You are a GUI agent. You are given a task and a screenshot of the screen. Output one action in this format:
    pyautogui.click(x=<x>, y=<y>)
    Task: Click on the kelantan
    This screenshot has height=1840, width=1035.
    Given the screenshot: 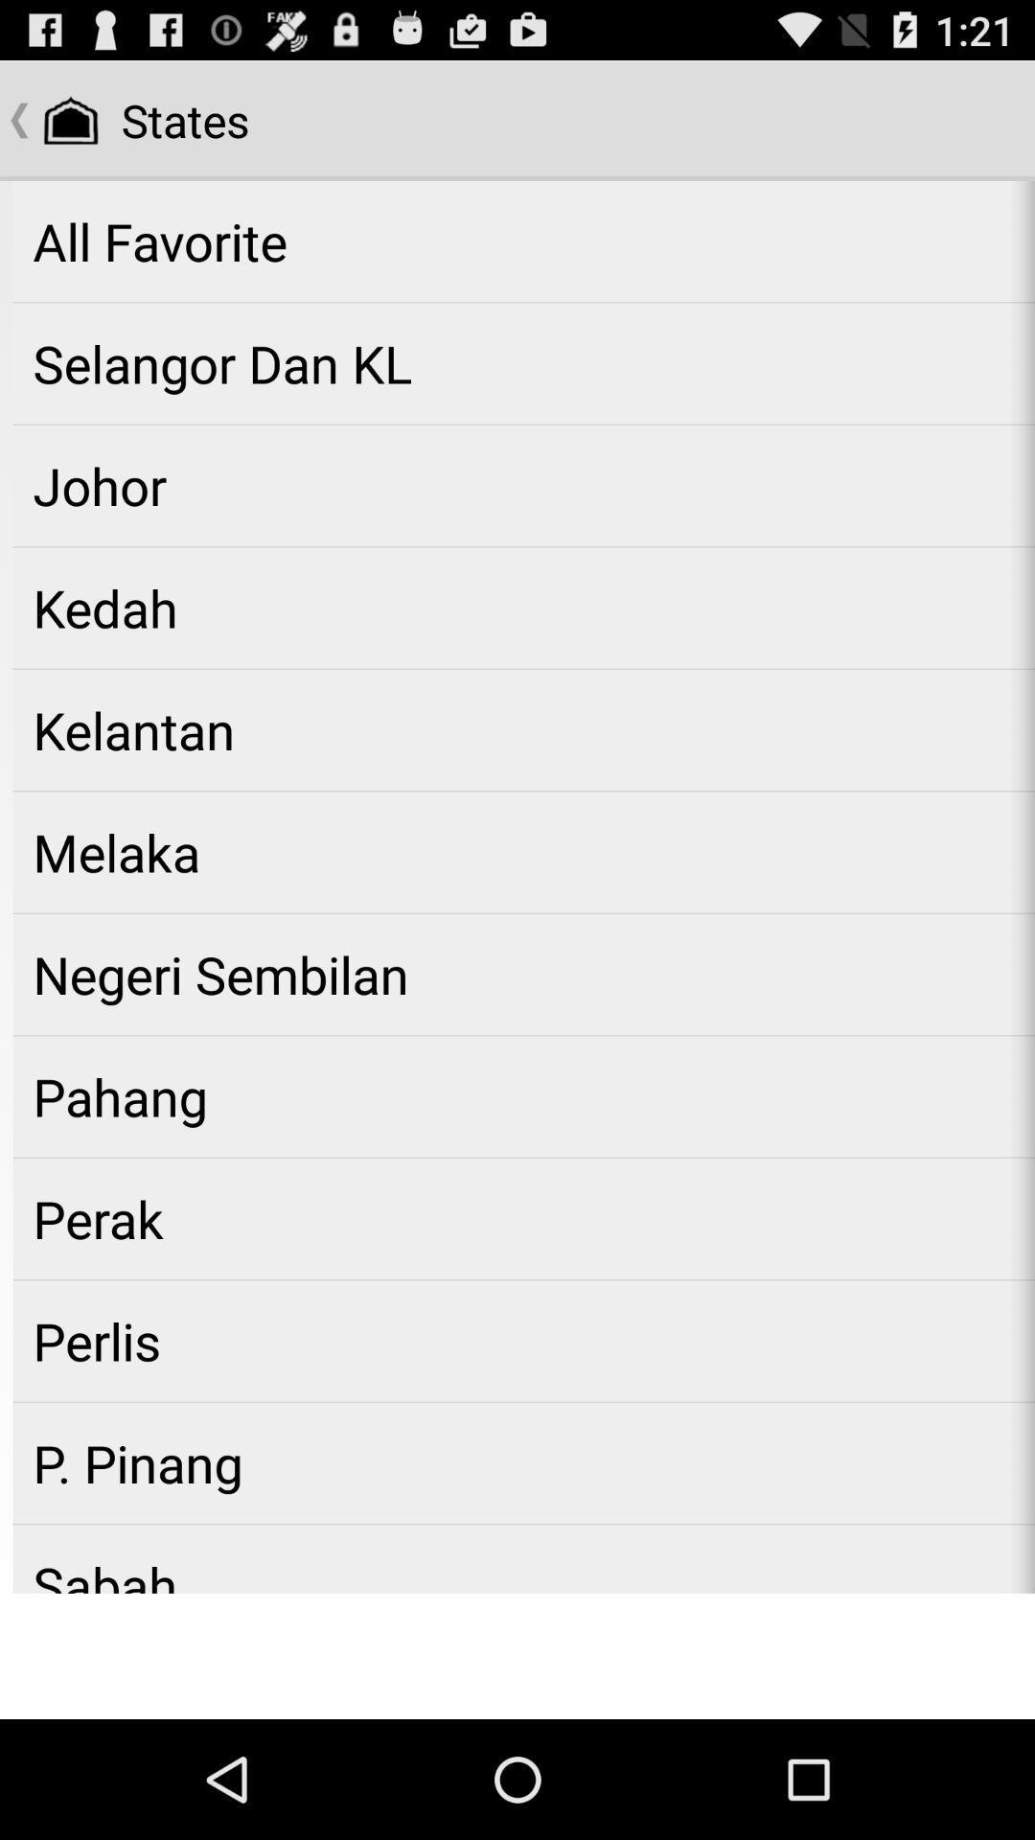 What is the action you would take?
    pyautogui.click(x=523, y=729)
    